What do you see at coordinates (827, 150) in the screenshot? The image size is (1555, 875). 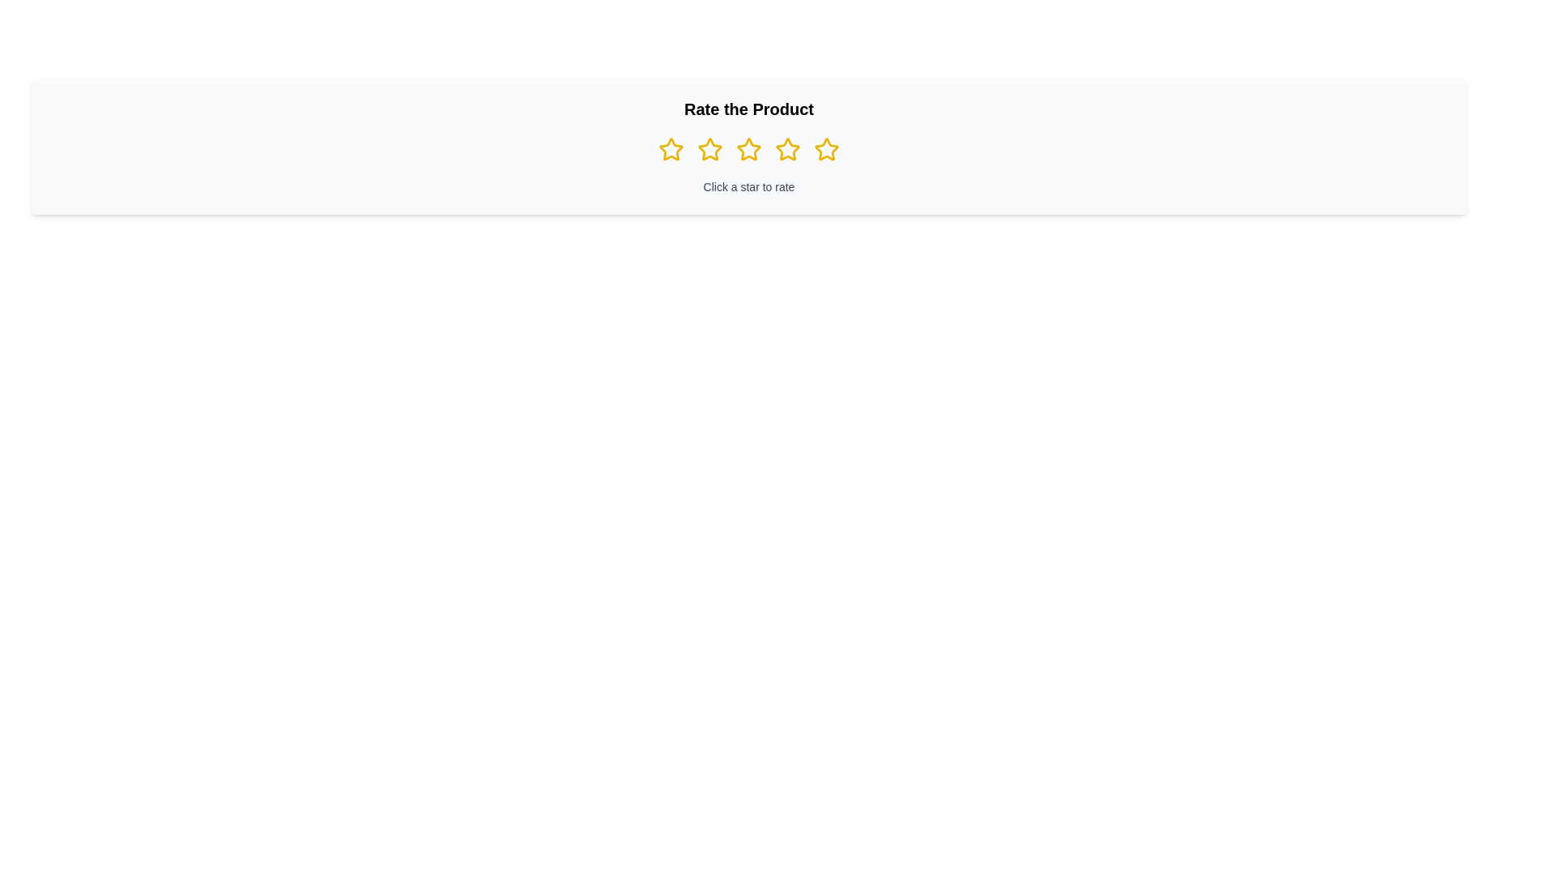 I see `the fifth star icon in the horizontal rating system` at bounding box center [827, 150].